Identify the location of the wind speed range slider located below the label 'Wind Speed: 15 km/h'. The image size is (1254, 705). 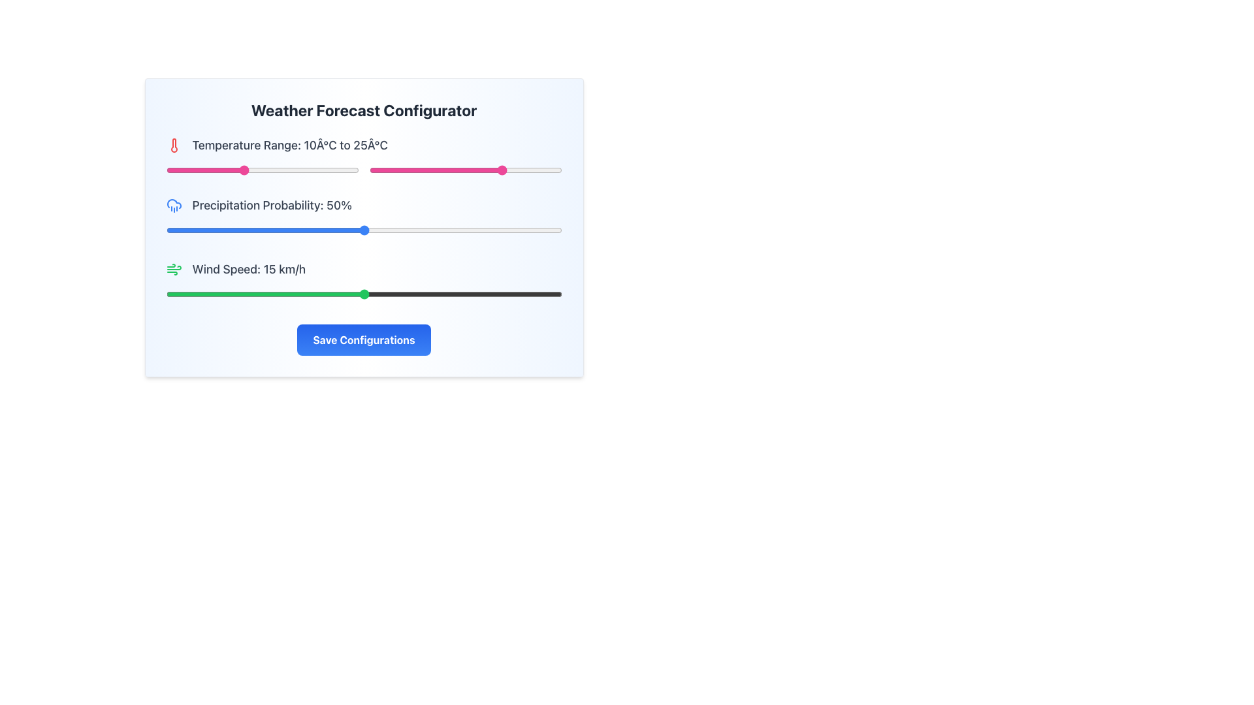
(364, 294).